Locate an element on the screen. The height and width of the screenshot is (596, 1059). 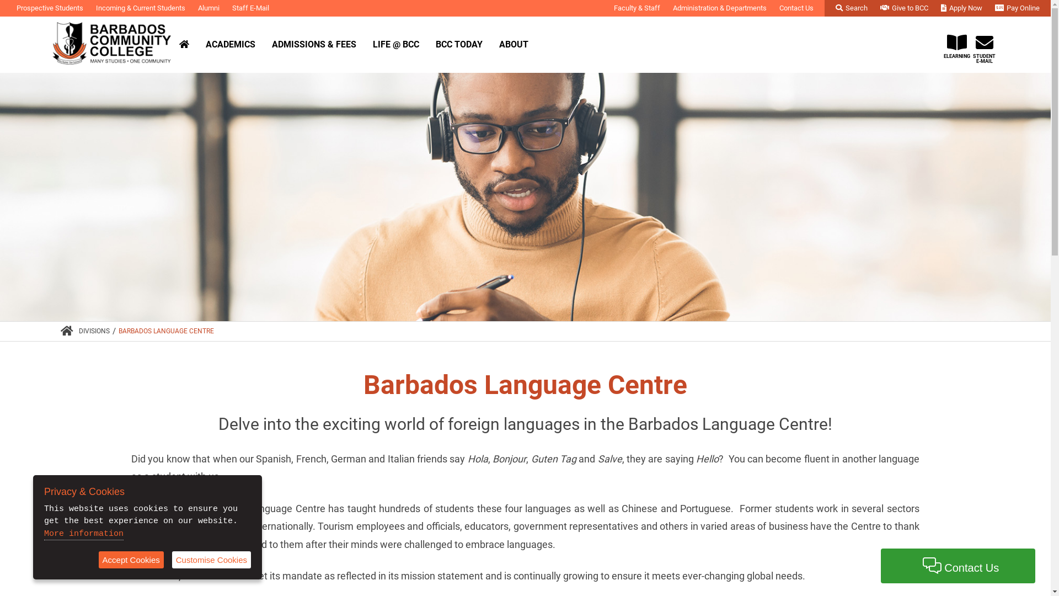
'BCC TODAY' is located at coordinates (459, 44).